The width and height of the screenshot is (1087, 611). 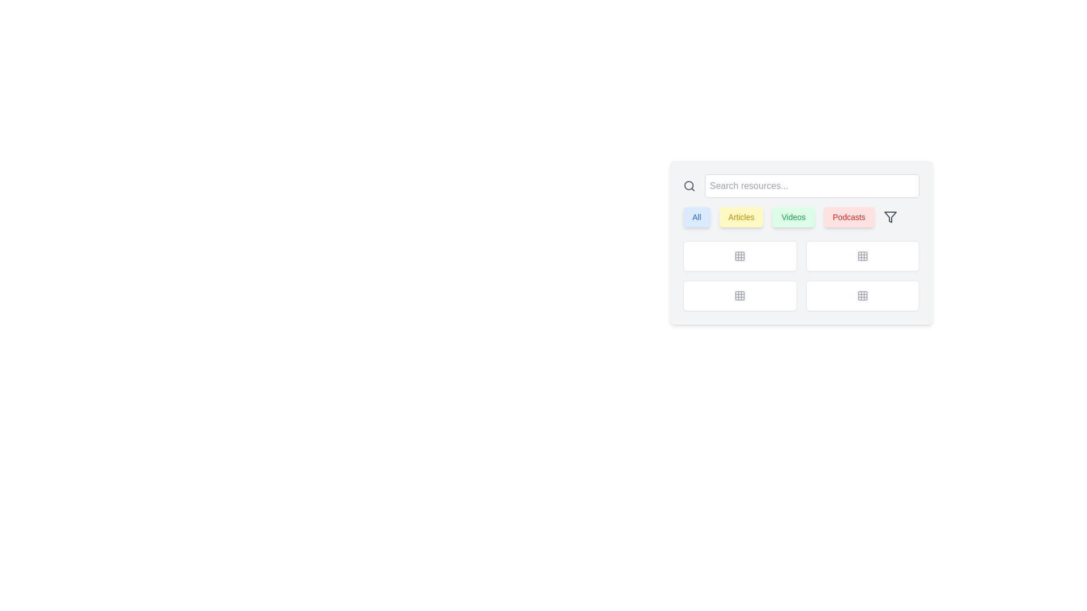 I want to click on the third iconic button in the grid layout, which features a light gray 3x3 grid design, so click(x=740, y=295).